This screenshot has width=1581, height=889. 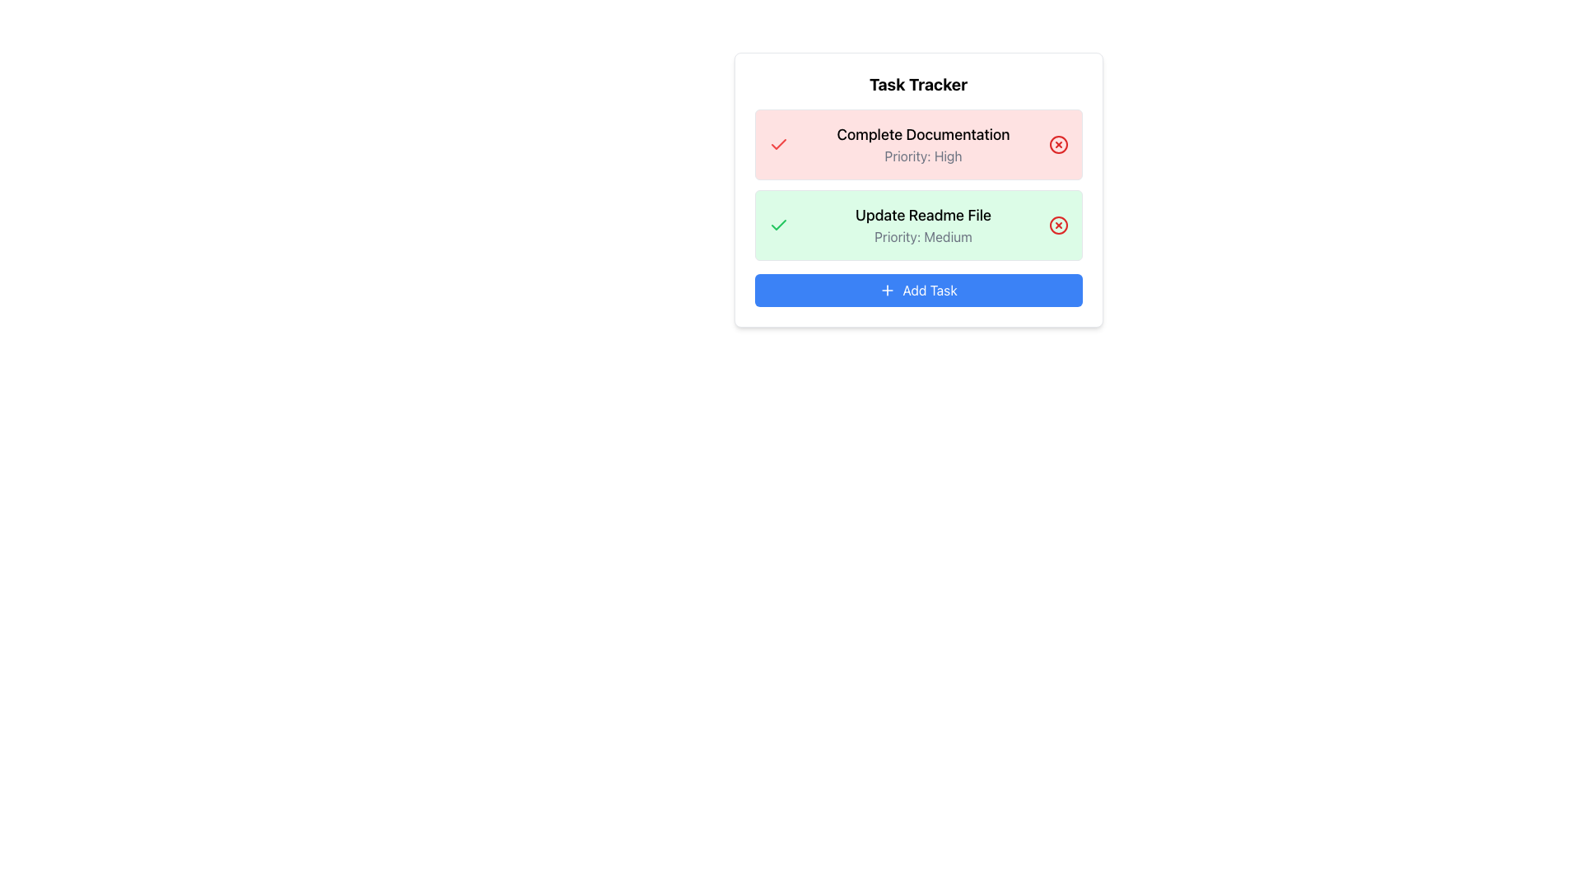 I want to click on the task item display in the task tracker application, which shows the task name and priority level, located between 'Complete Documentation' and '+ Add Task', so click(x=923, y=225).